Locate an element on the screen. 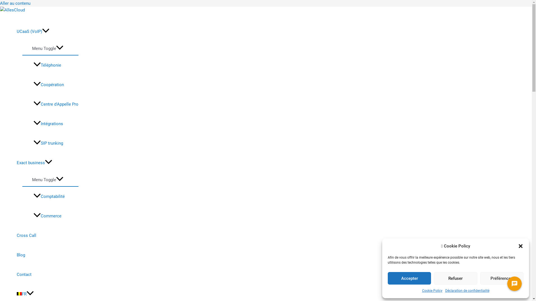 This screenshot has height=301, width=536. 'Contact' is located at coordinates (47, 274).